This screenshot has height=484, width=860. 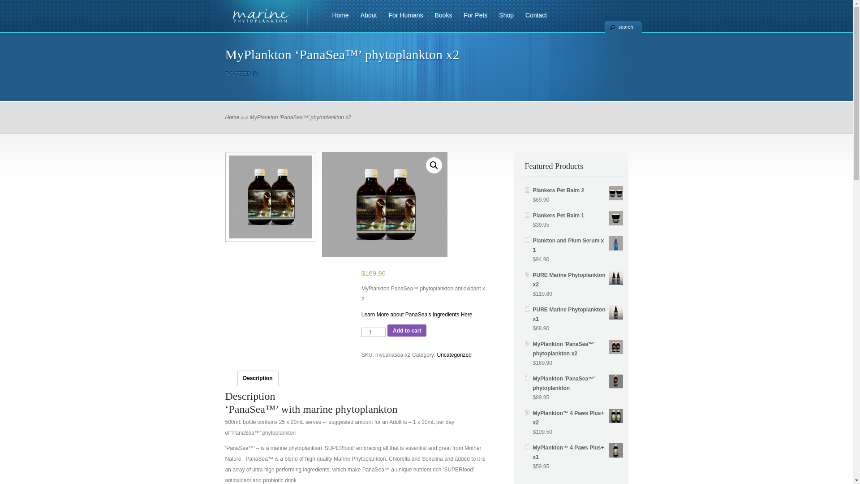 What do you see at coordinates (427, 20) in the screenshot?
I see `'Books'` at bounding box center [427, 20].